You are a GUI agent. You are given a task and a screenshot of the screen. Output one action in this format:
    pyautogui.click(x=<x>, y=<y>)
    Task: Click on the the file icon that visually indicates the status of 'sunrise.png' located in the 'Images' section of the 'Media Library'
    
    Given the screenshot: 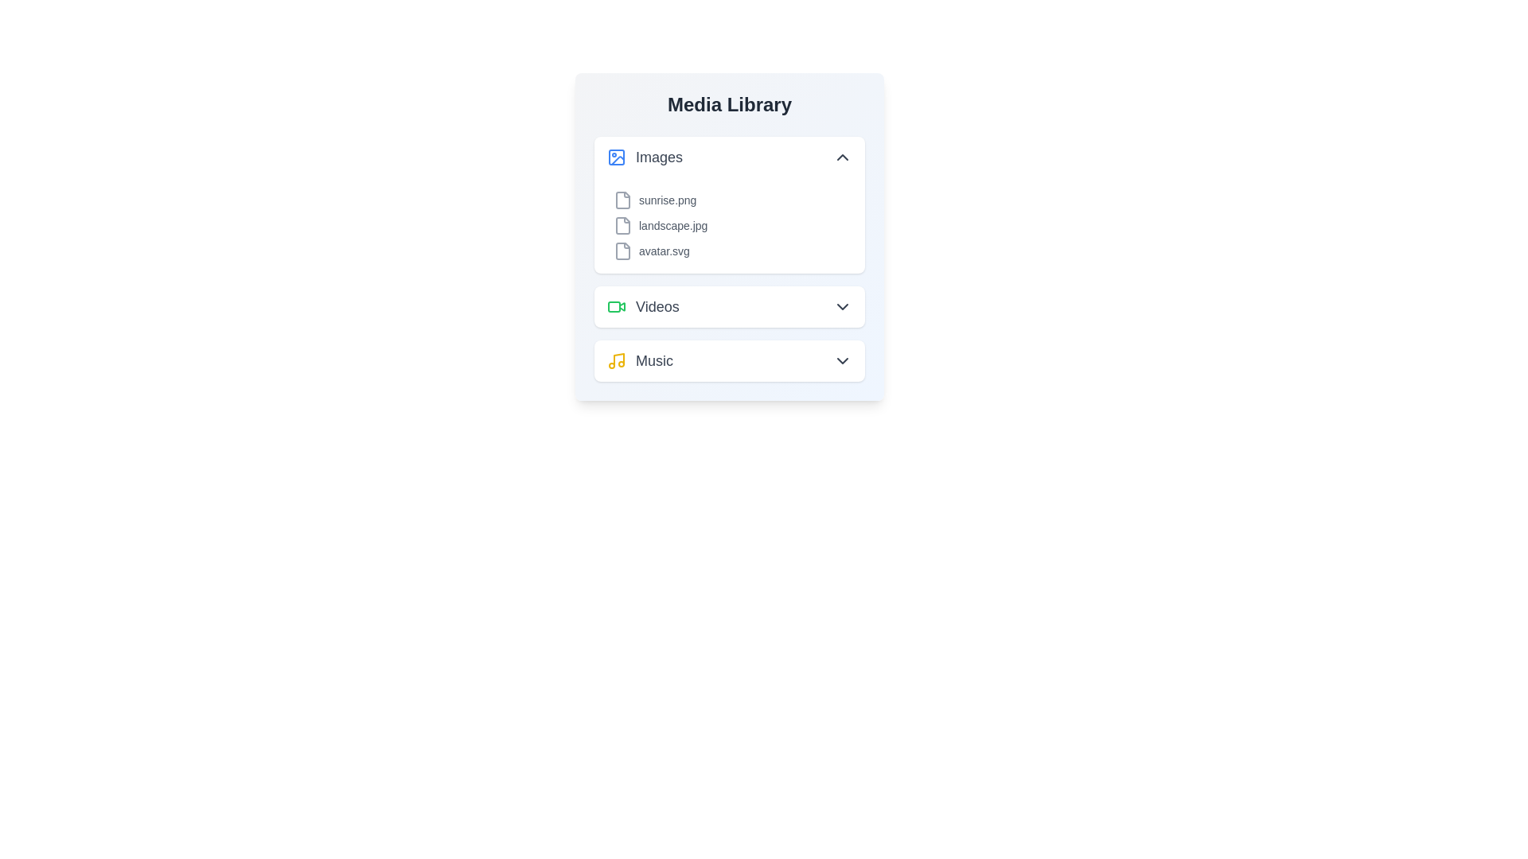 What is the action you would take?
    pyautogui.click(x=622, y=199)
    